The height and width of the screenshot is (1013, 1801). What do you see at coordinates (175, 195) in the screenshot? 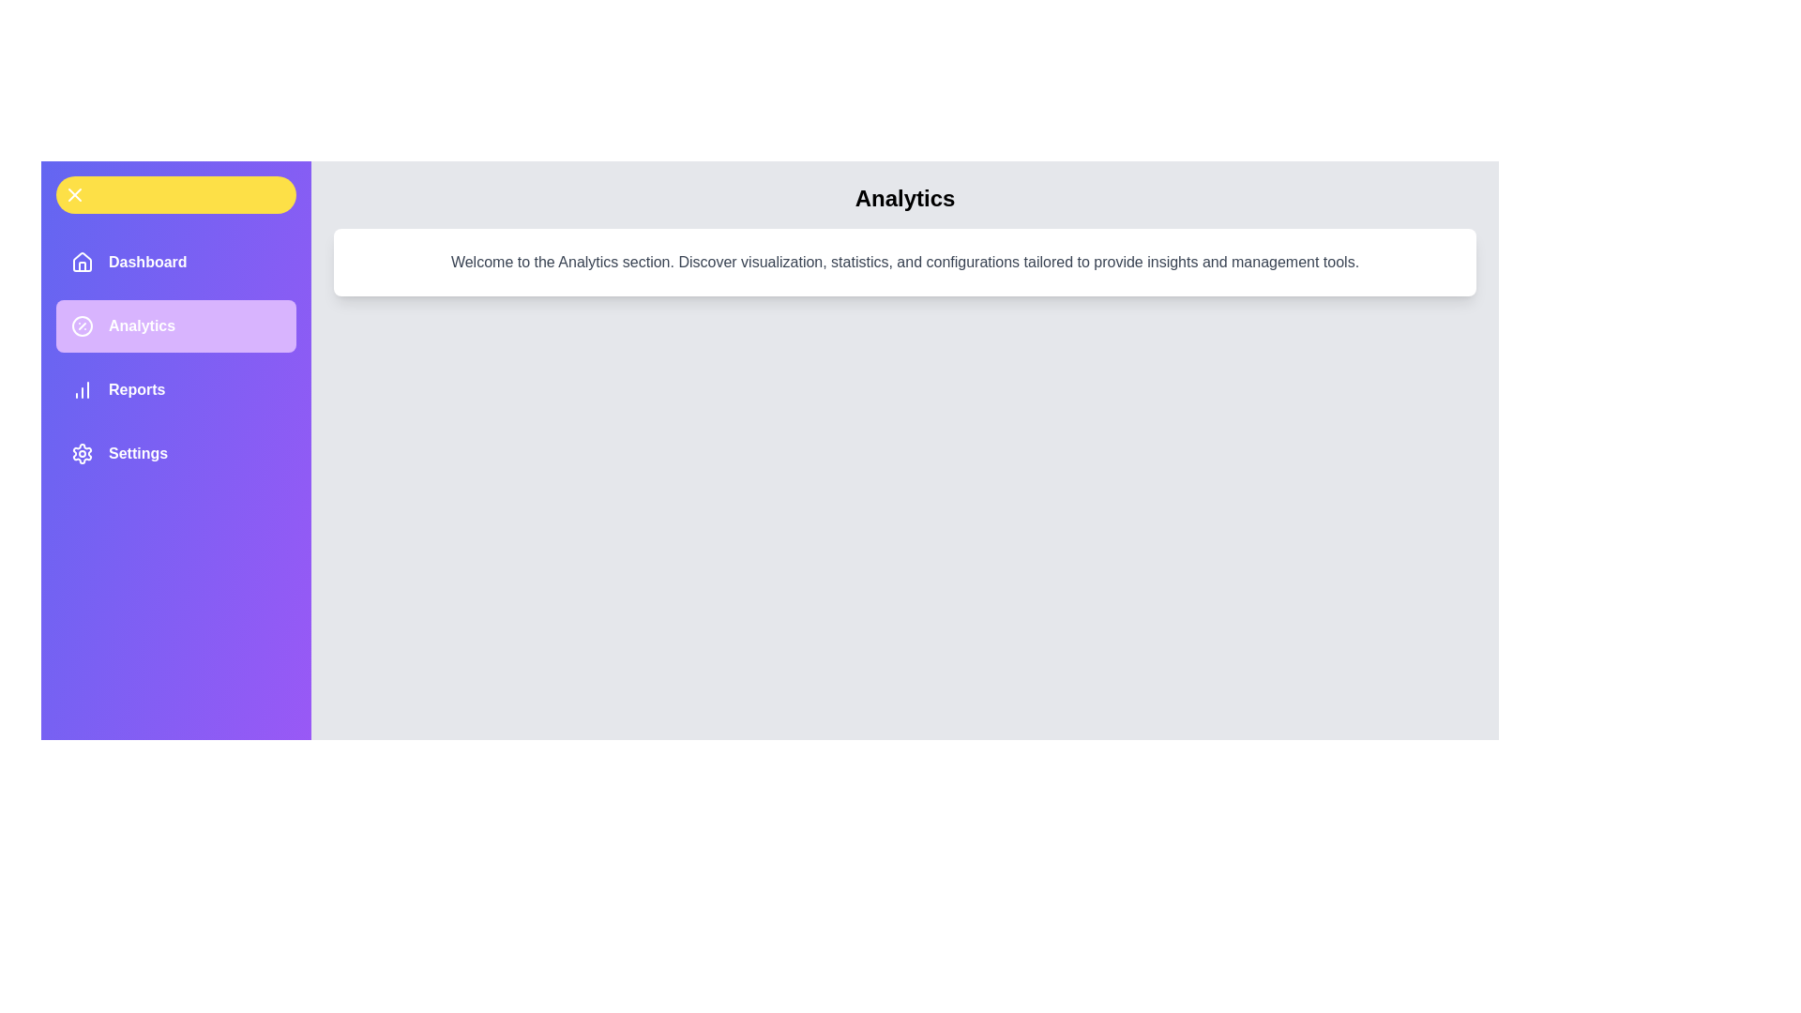
I see `the drawer toggle button to toggle the drawer open or closed` at bounding box center [175, 195].